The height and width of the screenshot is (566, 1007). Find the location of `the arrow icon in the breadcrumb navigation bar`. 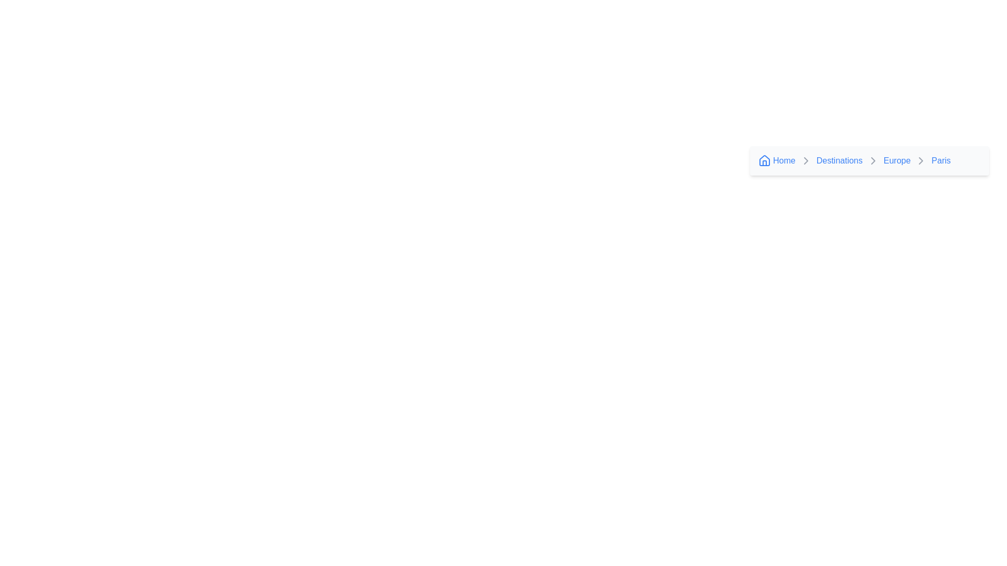

the arrow icon in the breadcrumb navigation bar is located at coordinates (805, 161).